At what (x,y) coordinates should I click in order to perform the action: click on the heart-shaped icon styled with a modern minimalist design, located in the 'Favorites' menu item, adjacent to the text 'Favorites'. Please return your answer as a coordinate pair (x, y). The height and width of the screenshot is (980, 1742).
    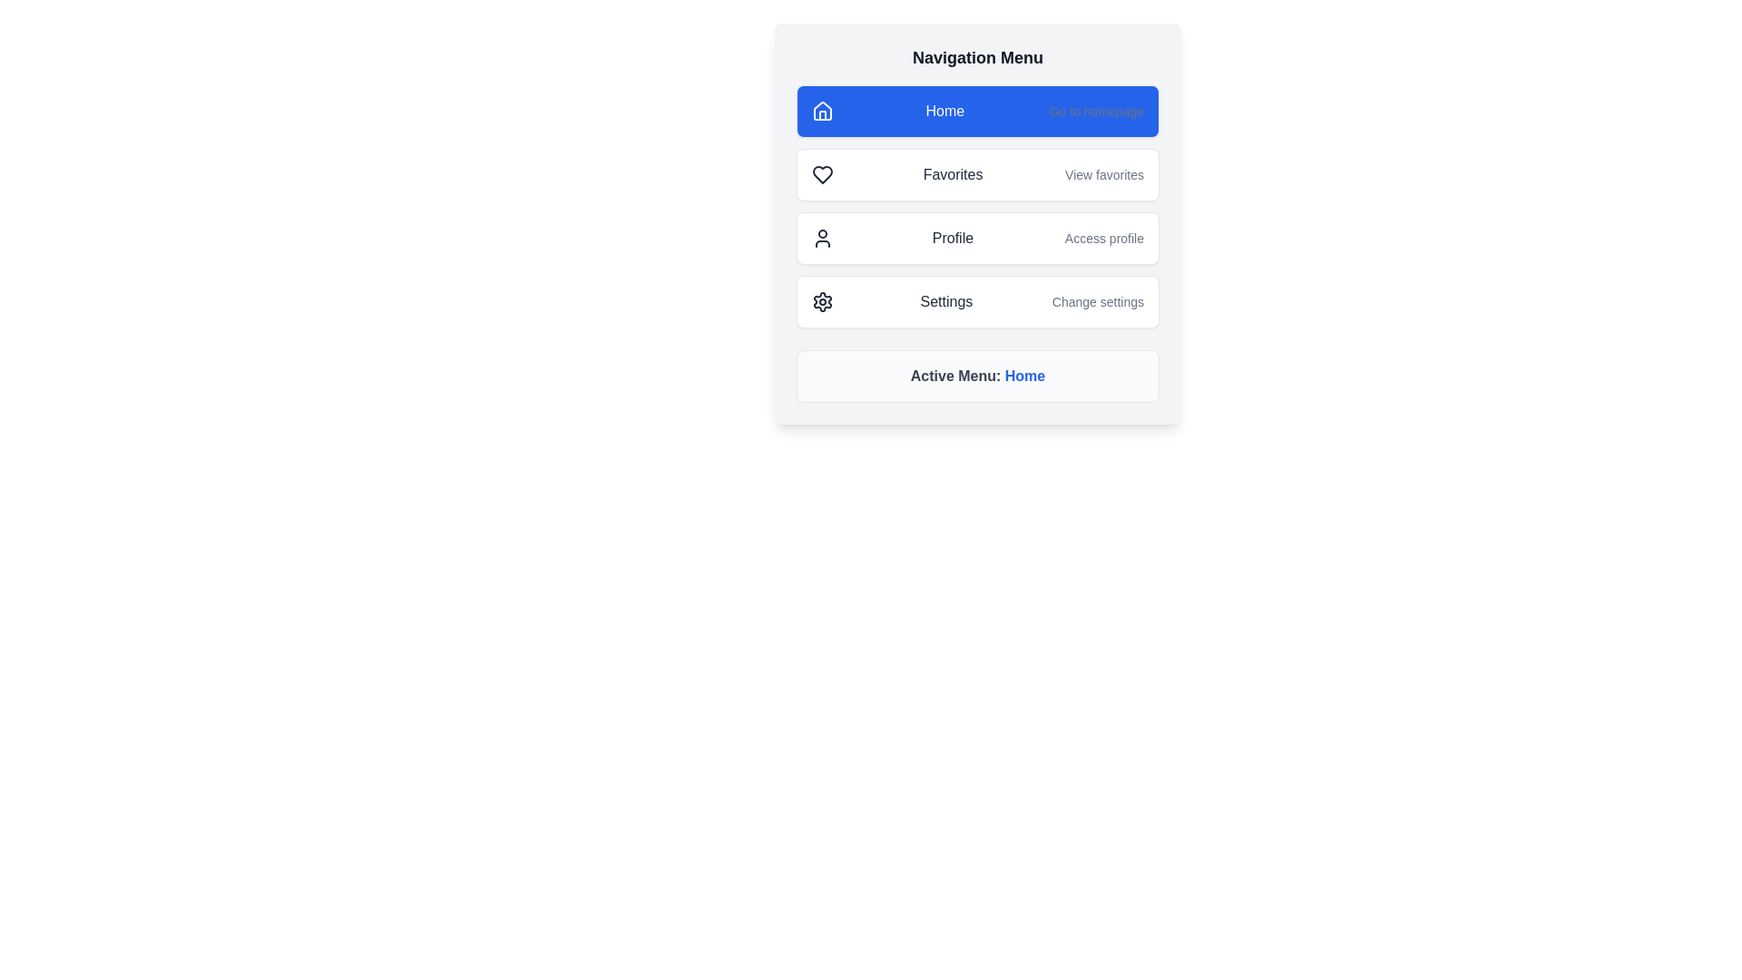
    Looking at the image, I should click on (822, 174).